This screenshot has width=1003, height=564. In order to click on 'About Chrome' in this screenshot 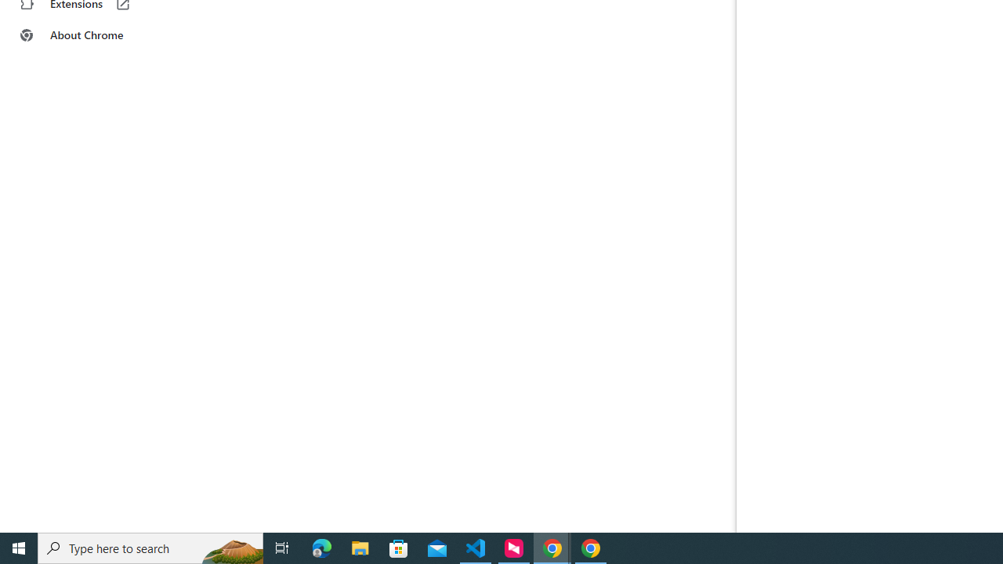, I will do `click(96, 35)`.